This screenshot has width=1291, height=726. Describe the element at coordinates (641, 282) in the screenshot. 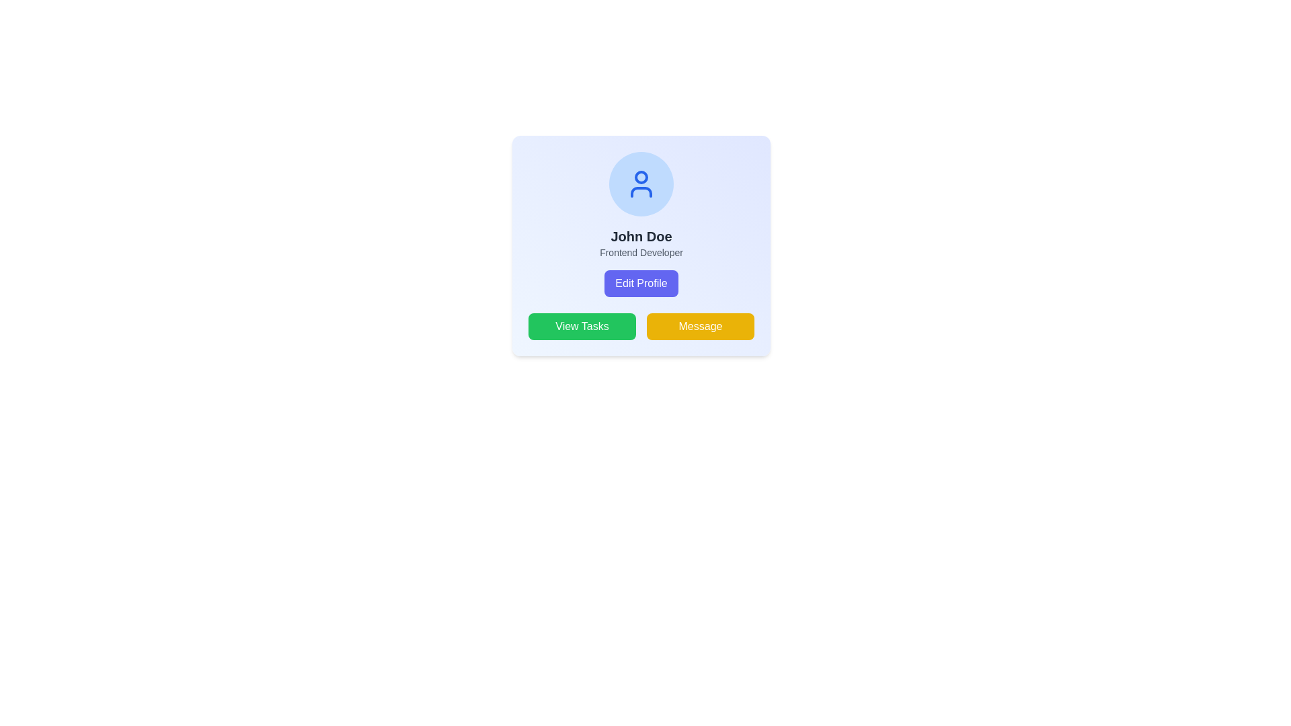

I see `the button located below the text 'John Doe' and 'Frontend Developer'` at that location.